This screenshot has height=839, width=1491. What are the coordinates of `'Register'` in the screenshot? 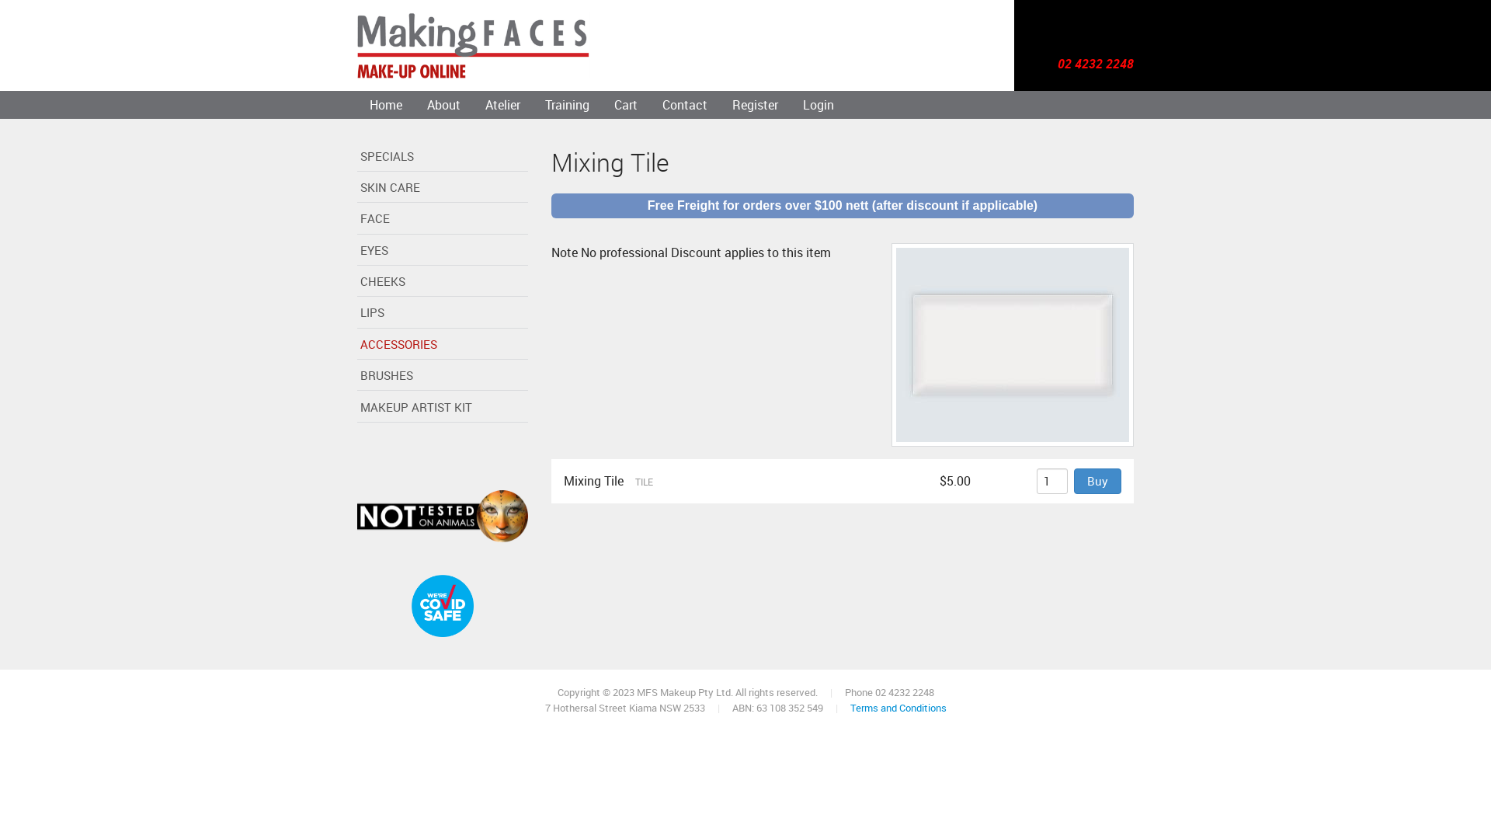 It's located at (755, 105).